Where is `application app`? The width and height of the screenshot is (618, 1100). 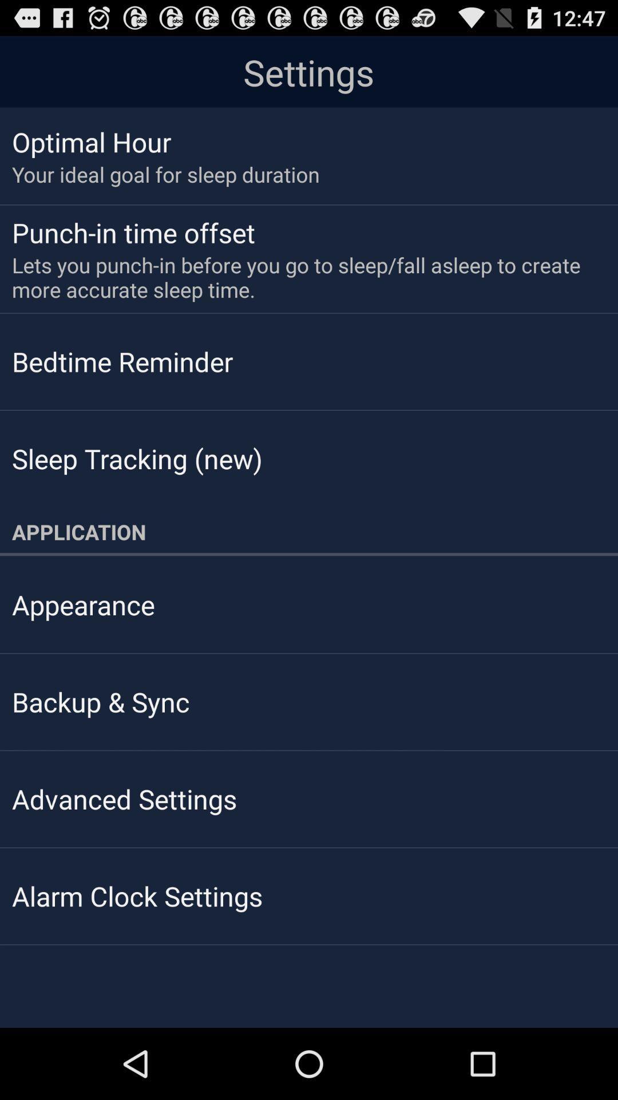
application app is located at coordinates (309, 531).